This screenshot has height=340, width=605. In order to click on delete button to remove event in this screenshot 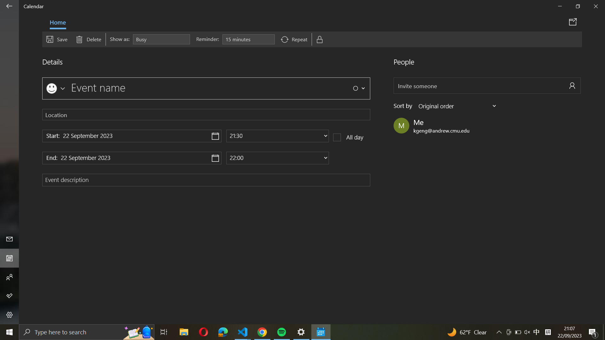, I will do `click(88, 39)`.